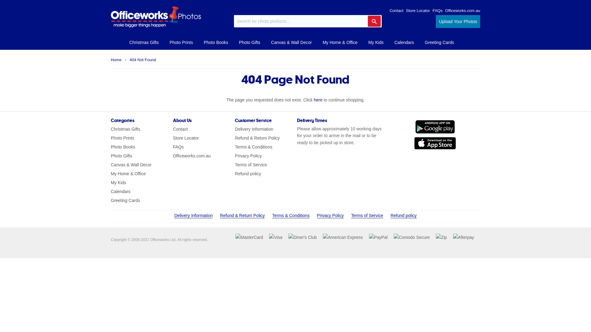 The height and width of the screenshot is (332, 591). Describe the element at coordinates (251, 164) in the screenshot. I see `'Terms of Service'` at that location.